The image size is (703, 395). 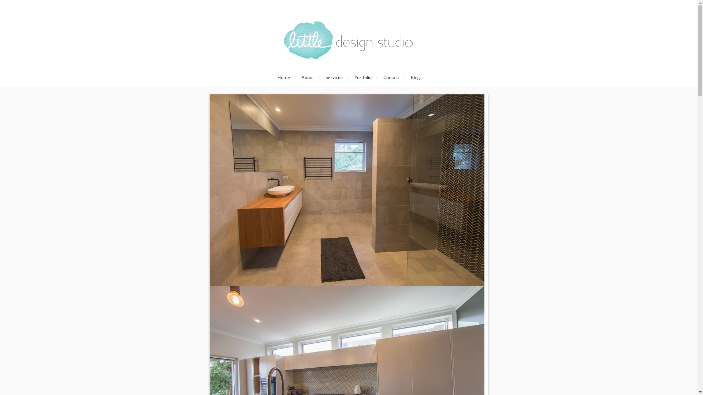 What do you see at coordinates (334, 78) in the screenshot?
I see `'Services'` at bounding box center [334, 78].